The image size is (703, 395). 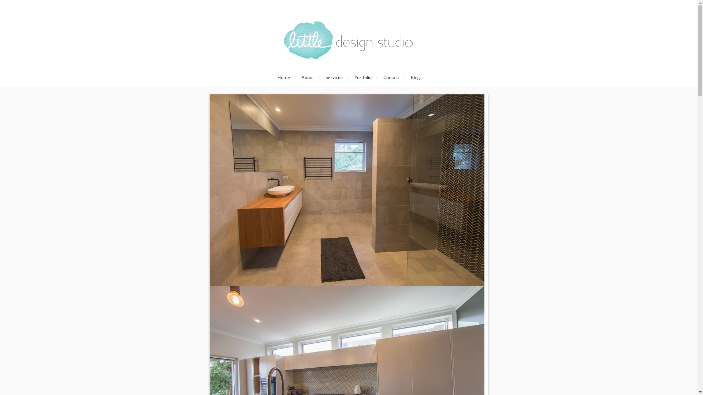 What do you see at coordinates (334, 78) in the screenshot?
I see `'Services'` at bounding box center [334, 78].